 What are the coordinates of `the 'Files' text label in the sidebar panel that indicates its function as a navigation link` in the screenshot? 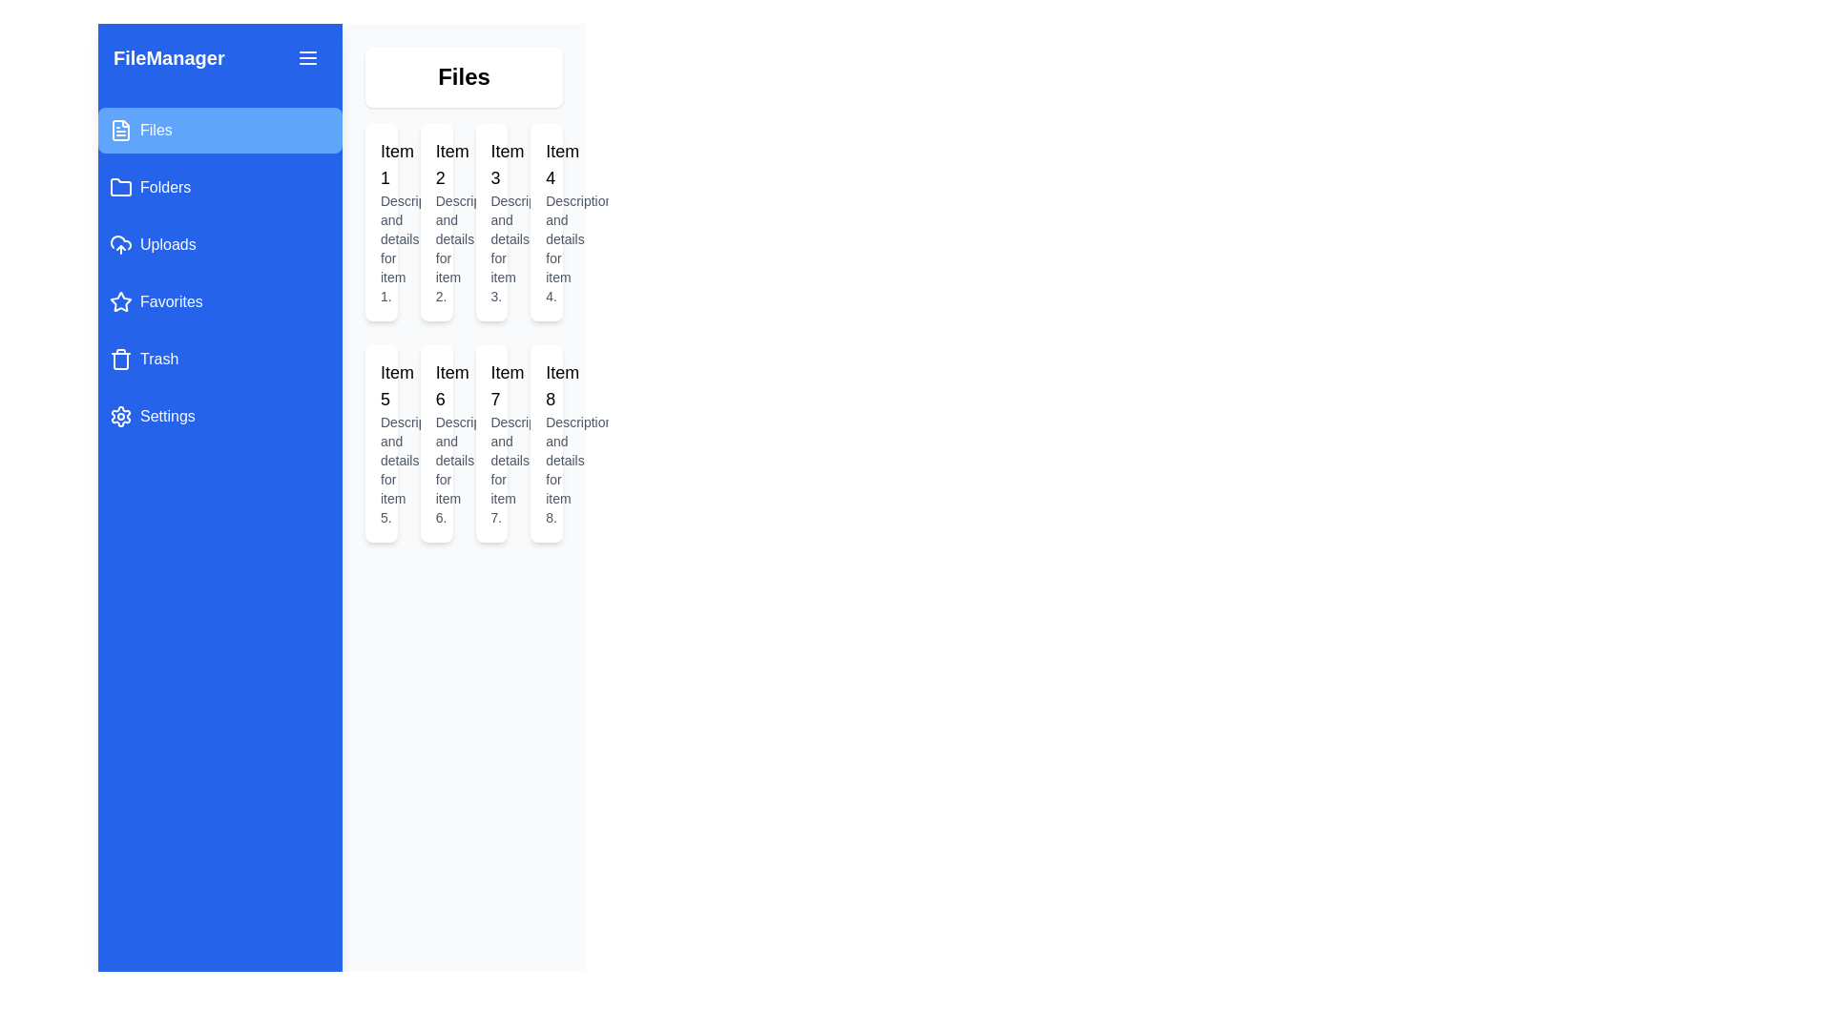 It's located at (156, 130).